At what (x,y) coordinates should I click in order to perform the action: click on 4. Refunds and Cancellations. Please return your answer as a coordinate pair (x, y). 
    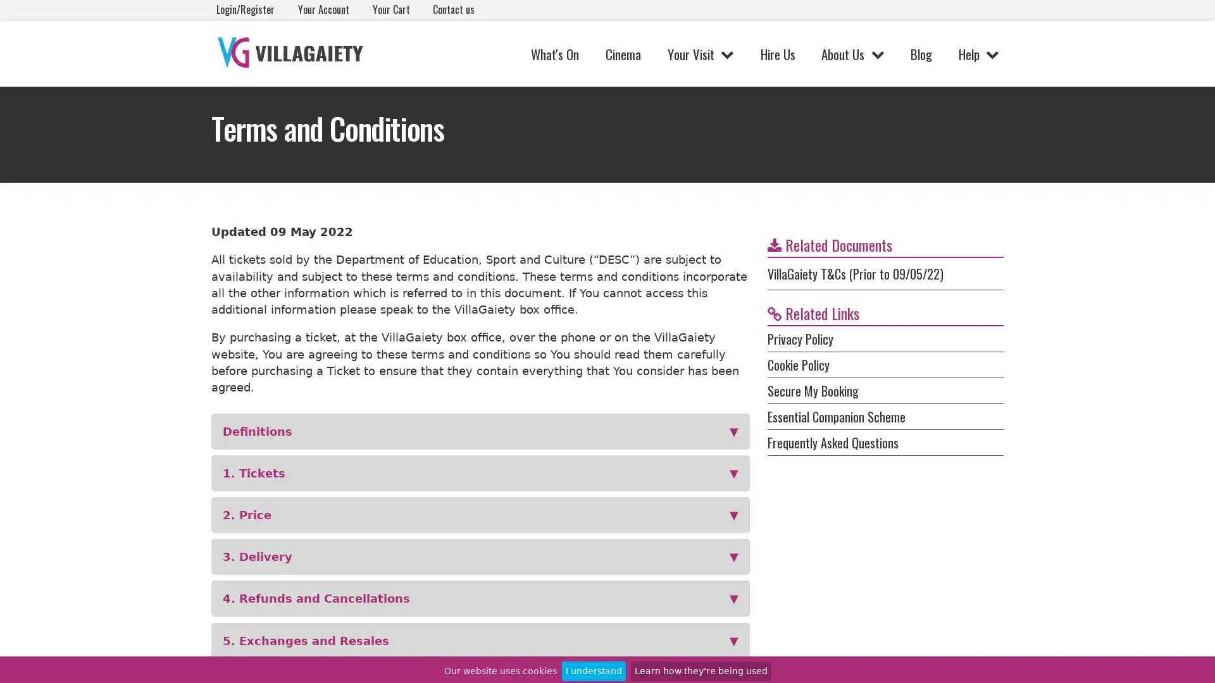
    Looking at the image, I should click on (480, 598).